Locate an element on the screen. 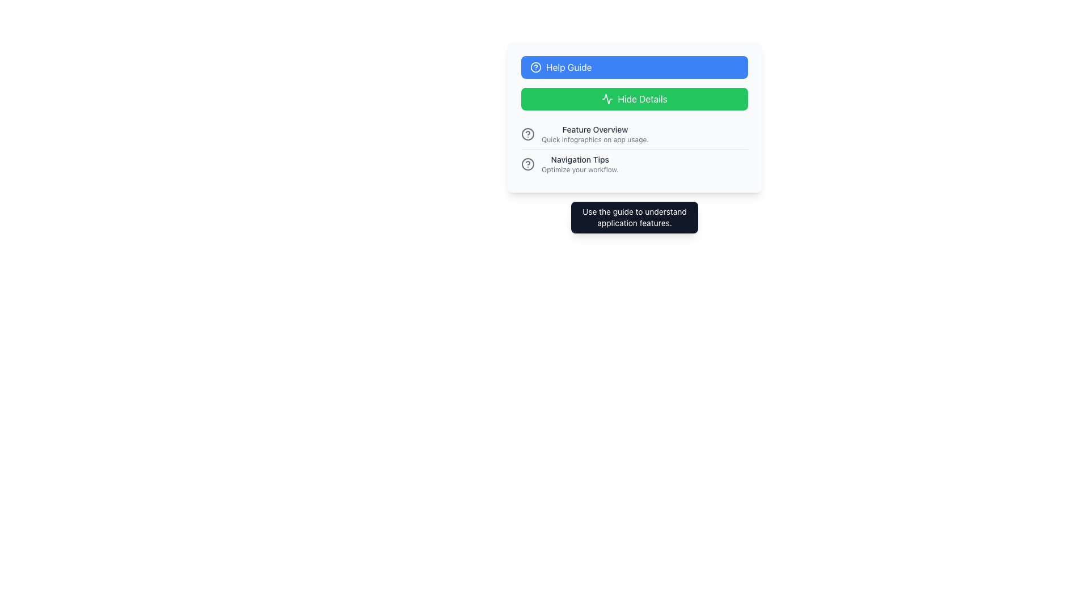 Image resolution: width=1089 pixels, height=612 pixels. the toggle button located centrally within a light gray box, positioned directly beneath the blue 'Help Guide' button and above the 'Feature Overview' section is located at coordinates (634, 98).